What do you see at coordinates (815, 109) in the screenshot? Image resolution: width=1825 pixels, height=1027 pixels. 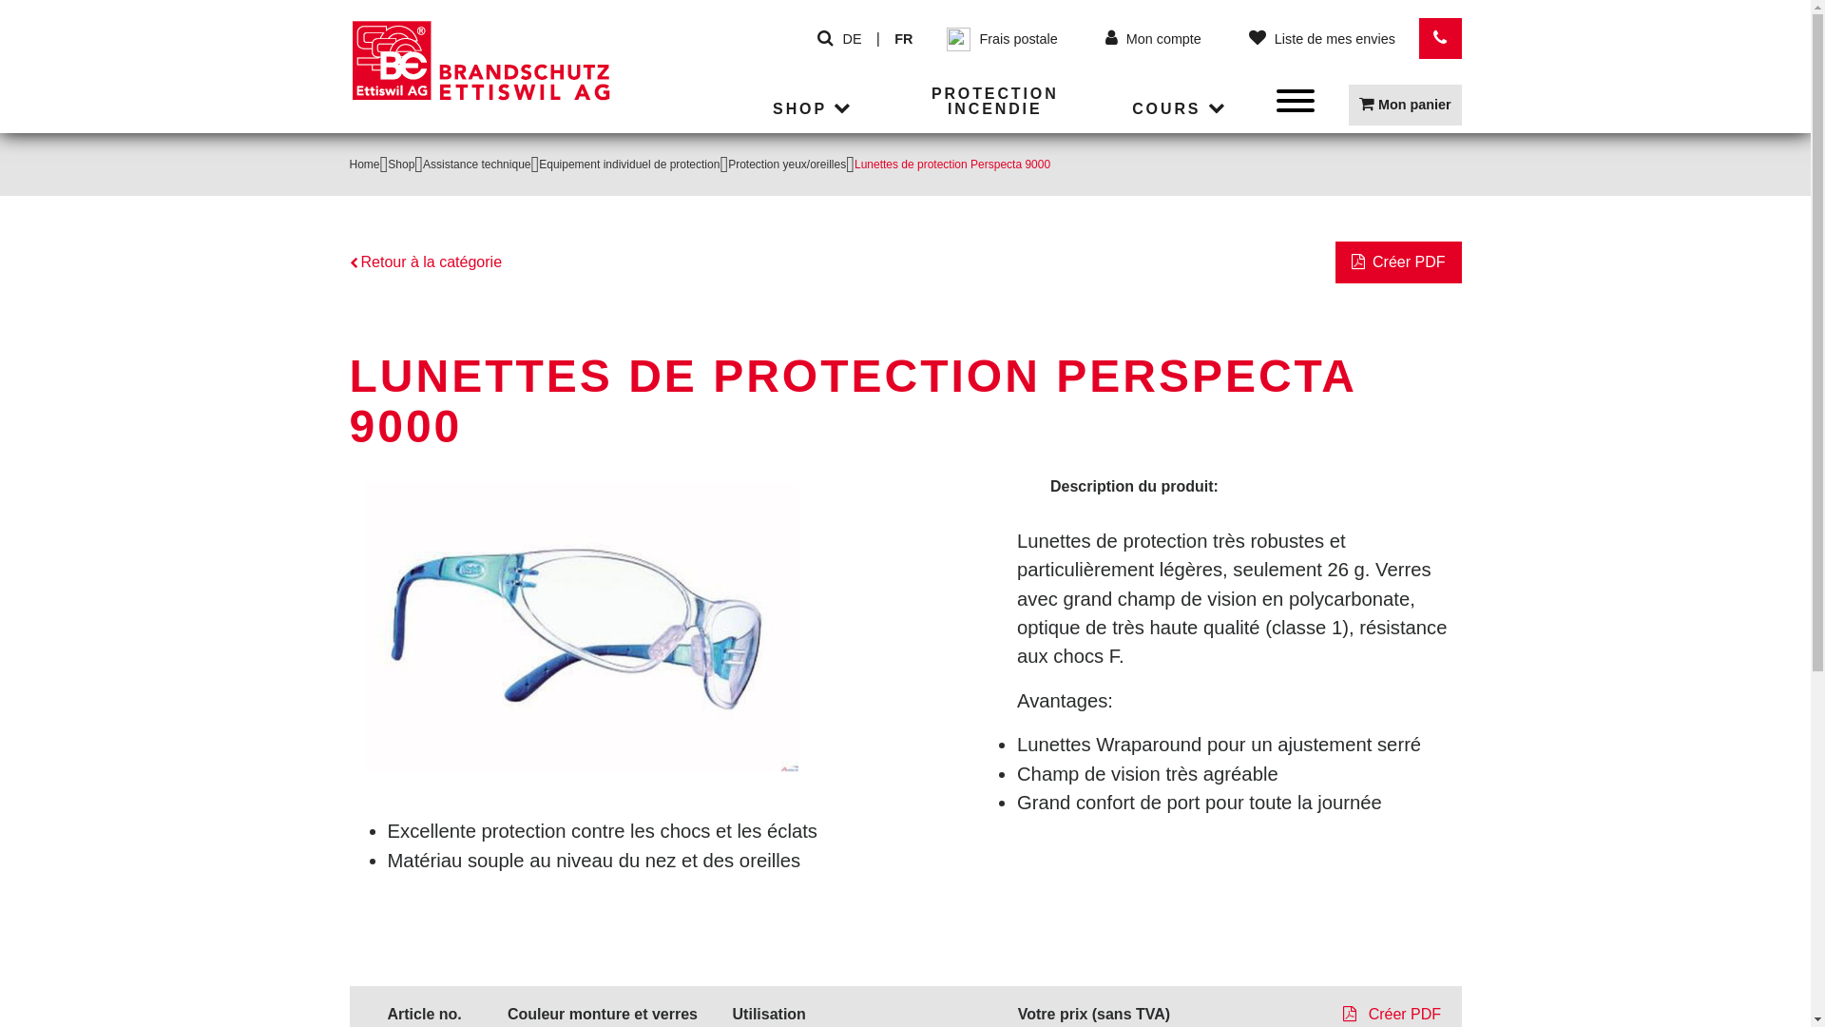 I see `'SHOP'` at bounding box center [815, 109].